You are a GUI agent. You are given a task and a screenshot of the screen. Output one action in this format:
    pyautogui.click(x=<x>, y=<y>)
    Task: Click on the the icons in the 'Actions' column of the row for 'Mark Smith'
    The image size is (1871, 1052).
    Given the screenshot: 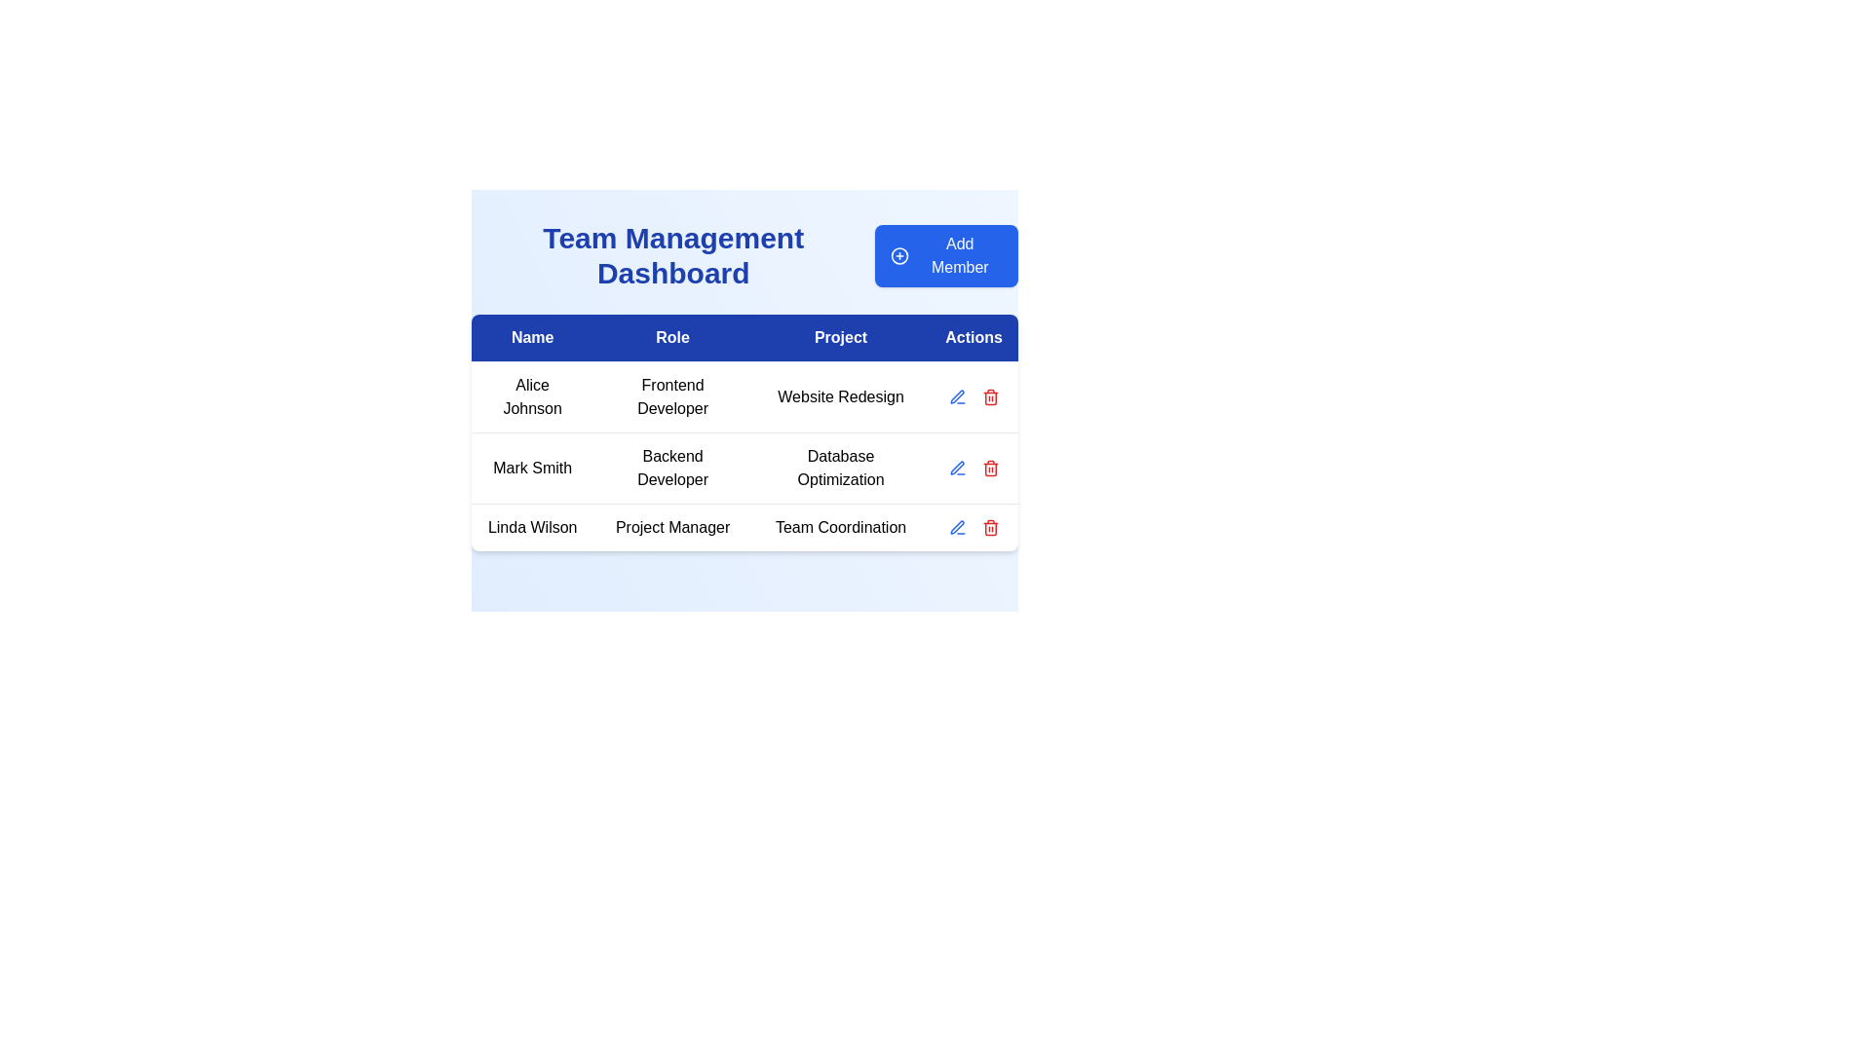 What is the action you would take?
    pyautogui.click(x=974, y=469)
    